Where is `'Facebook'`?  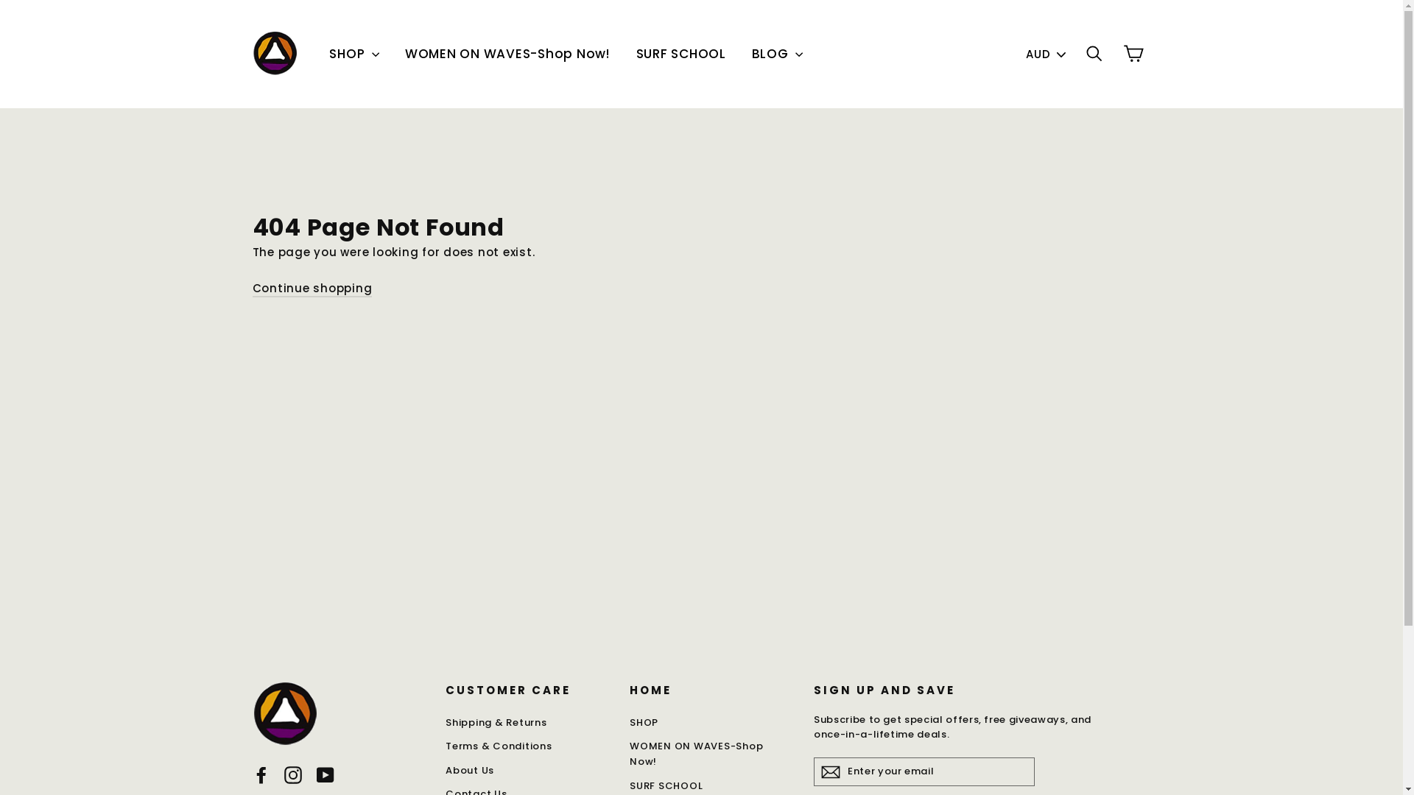 'Facebook' is located at coordinates (261, 774).